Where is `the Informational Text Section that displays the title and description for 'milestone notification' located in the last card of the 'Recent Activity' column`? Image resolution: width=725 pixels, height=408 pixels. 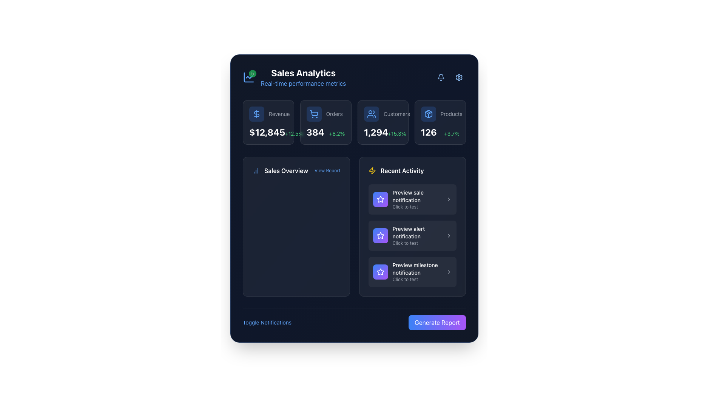
the Informational Text Section that displays the title and description for 'milestone notification' located in the last card of the 'Recent Activity' column is located at coordinates (416, 272).